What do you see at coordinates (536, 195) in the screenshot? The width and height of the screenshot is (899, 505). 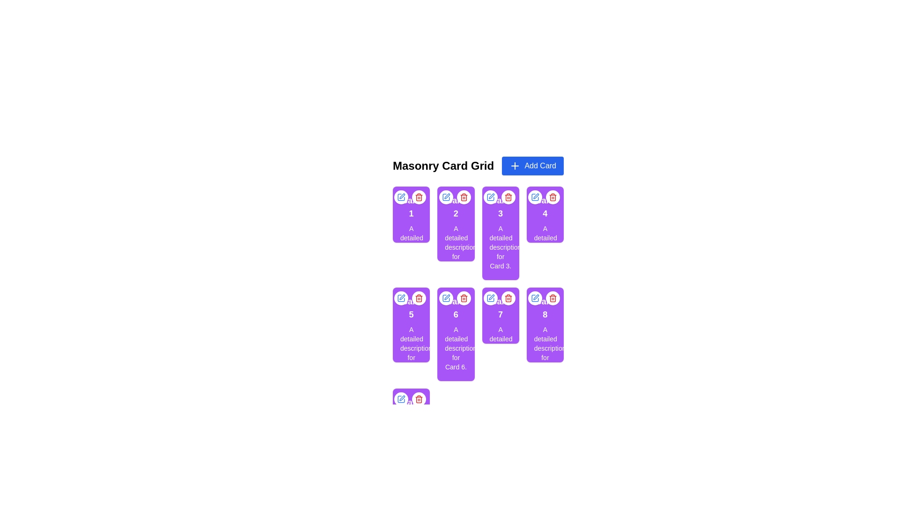 I see `the blue edit icon resembling a pen or pencil located in the top-left corner of the card` at bounding box center [536, 195].